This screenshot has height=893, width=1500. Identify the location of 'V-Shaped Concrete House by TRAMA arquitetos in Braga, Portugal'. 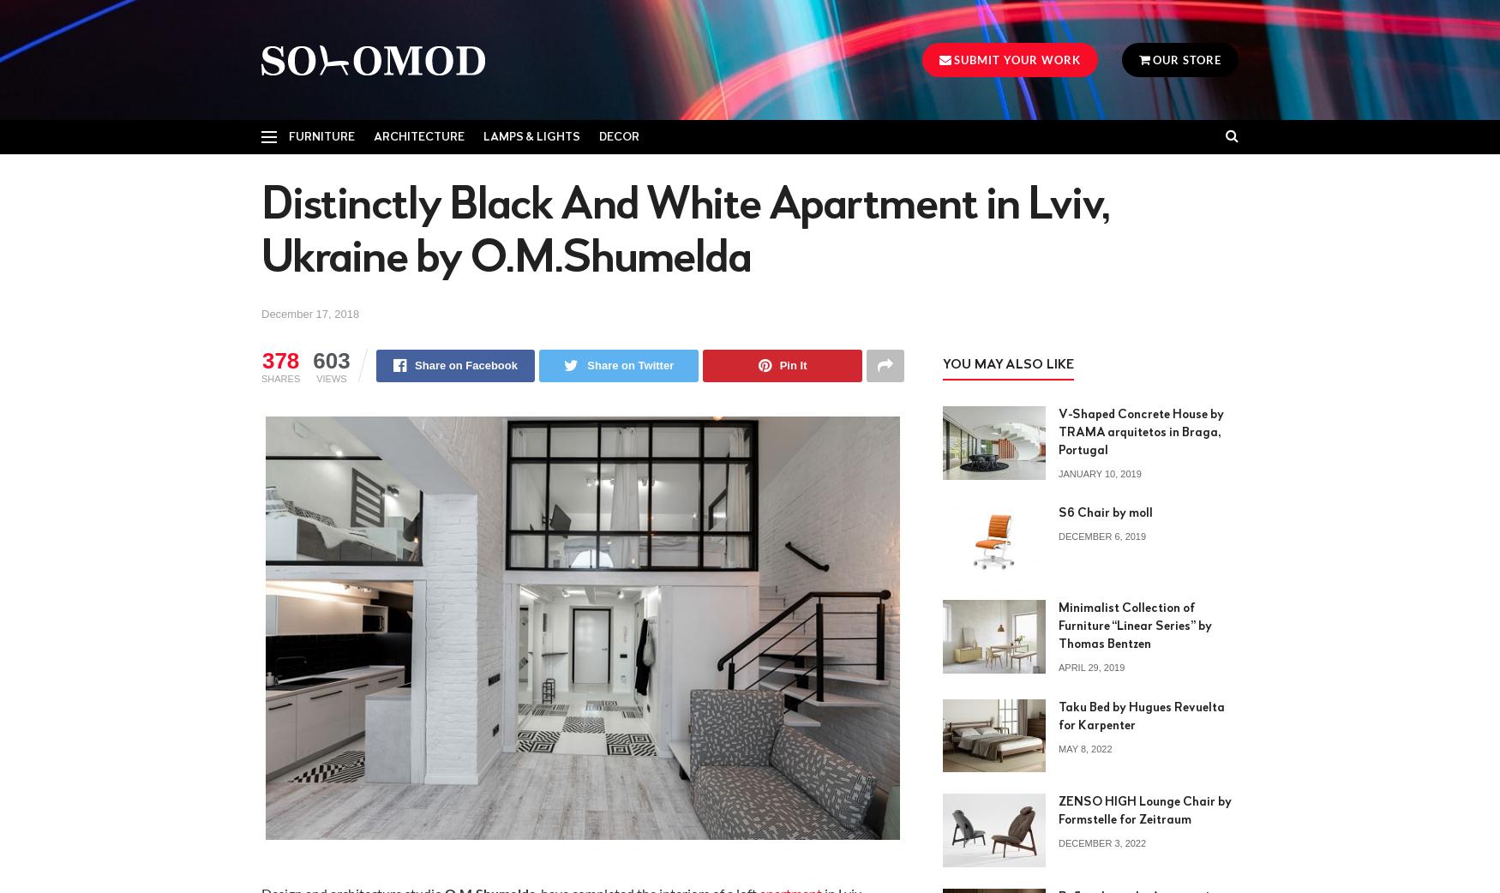
(1141, 432).